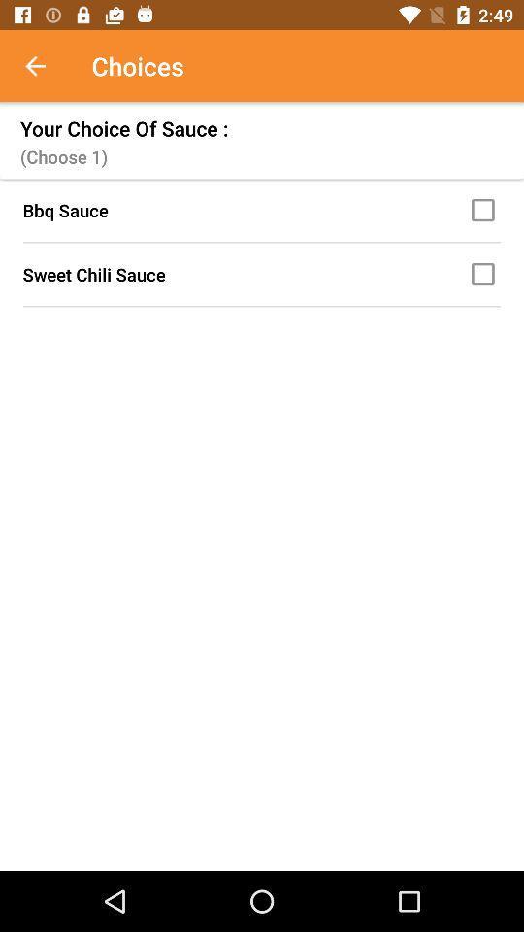 Image resolution: width=524 pixels, height=932 pixels. Describe the element at coordinates (485, 273) in the screenshot. I see `sweet chili sauce` at that location.